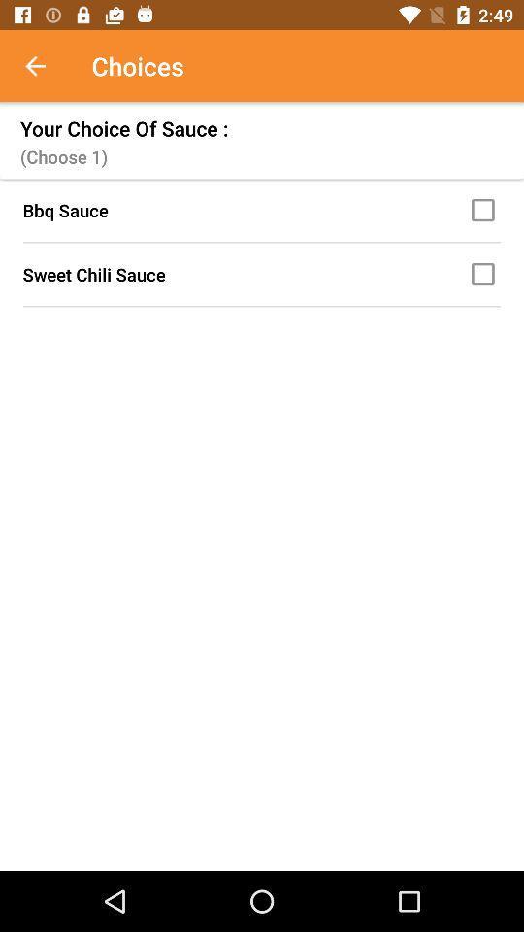 Image resolution: width=524 pixels, height=932 pixels. Describe the element at coordinates (485, 273) in the screenshot. I see `sweet chili sauce` at that location.